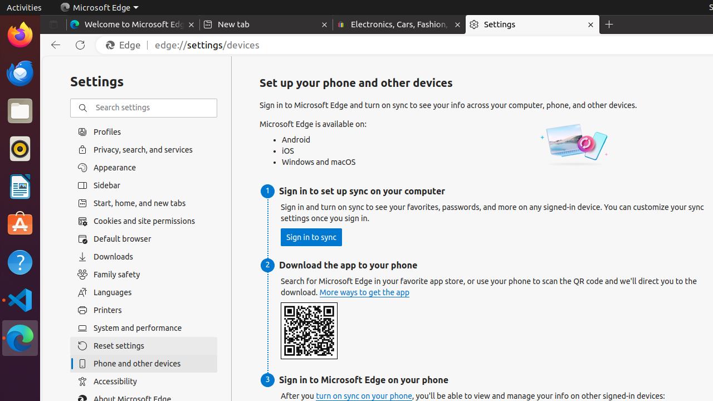 This screenshot has width=713, height=401. Describe the element at coordinates (143, 257) in the screenshot. I see `'Downloads'` at that location.